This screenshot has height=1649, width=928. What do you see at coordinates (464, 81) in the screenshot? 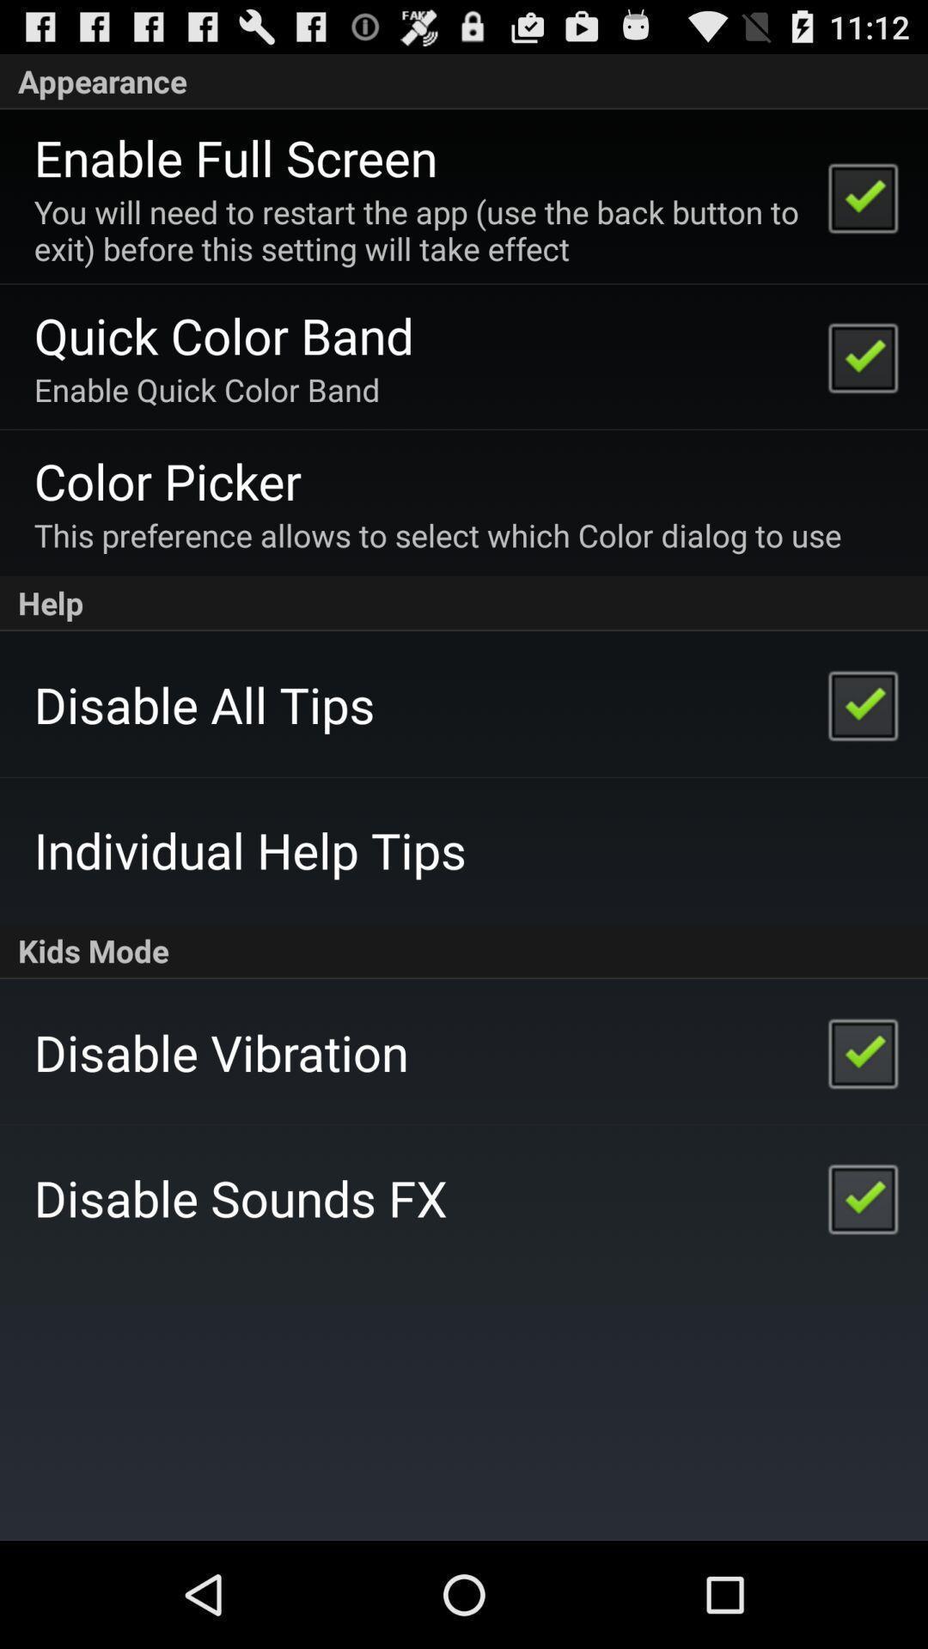
I see `item above the enable full screen app` at bounding box center [464, 81].